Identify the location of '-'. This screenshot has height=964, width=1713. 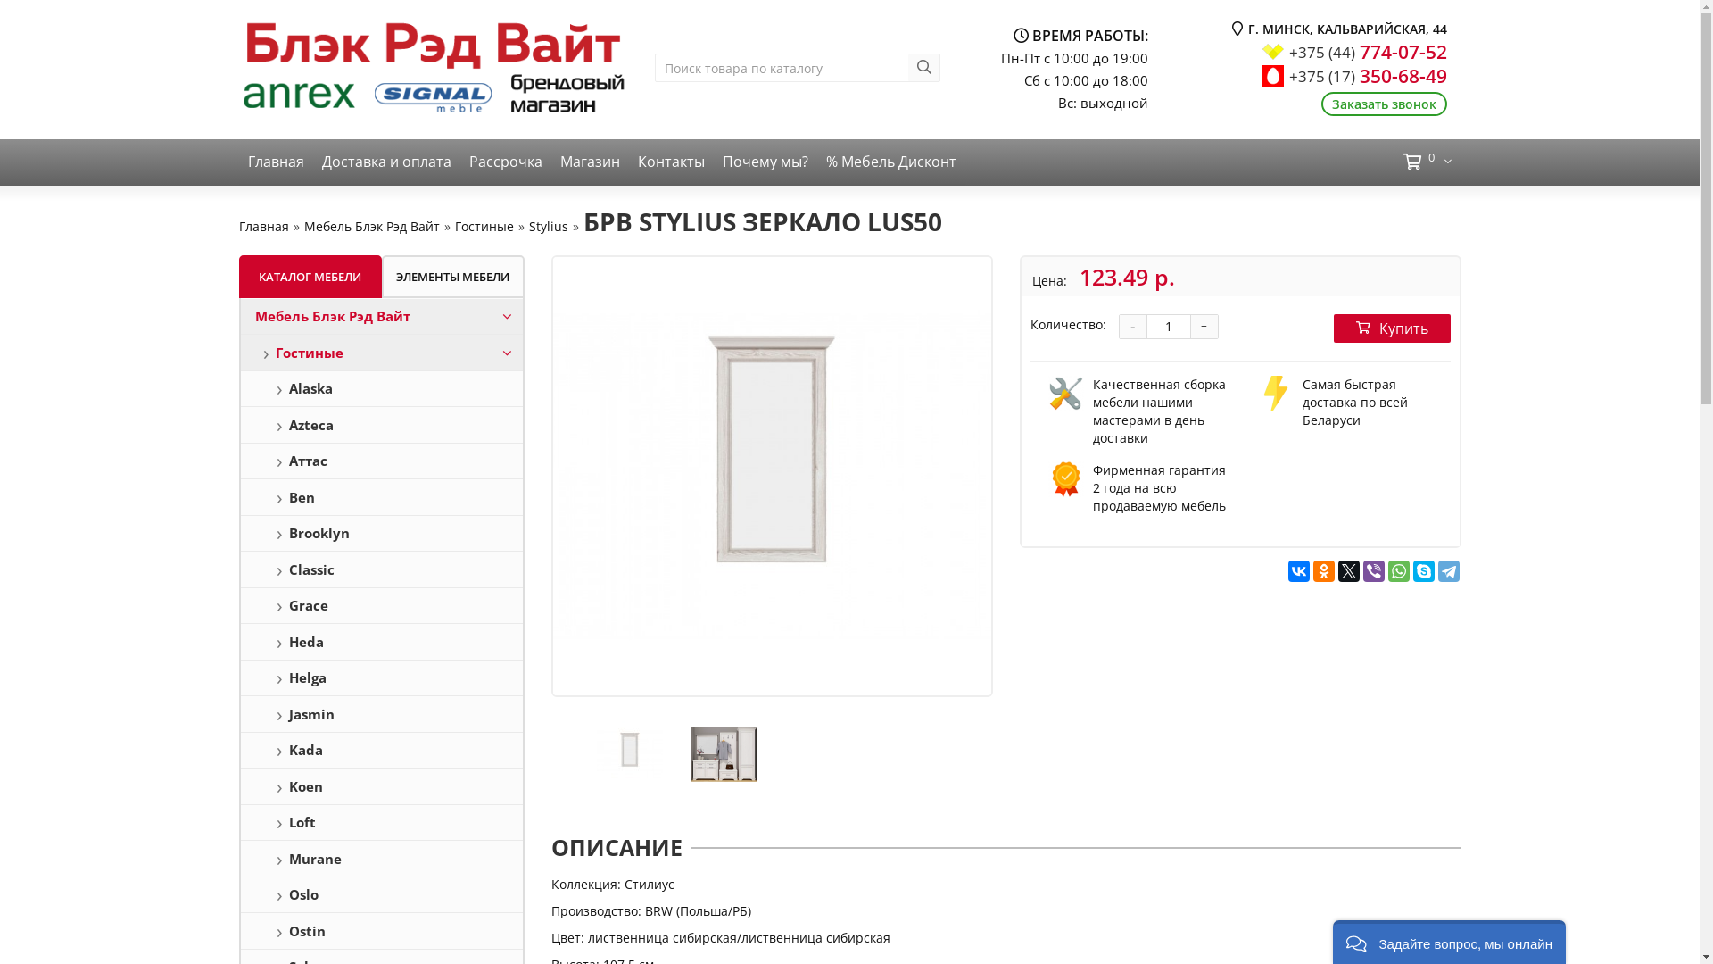
(1130, 327).